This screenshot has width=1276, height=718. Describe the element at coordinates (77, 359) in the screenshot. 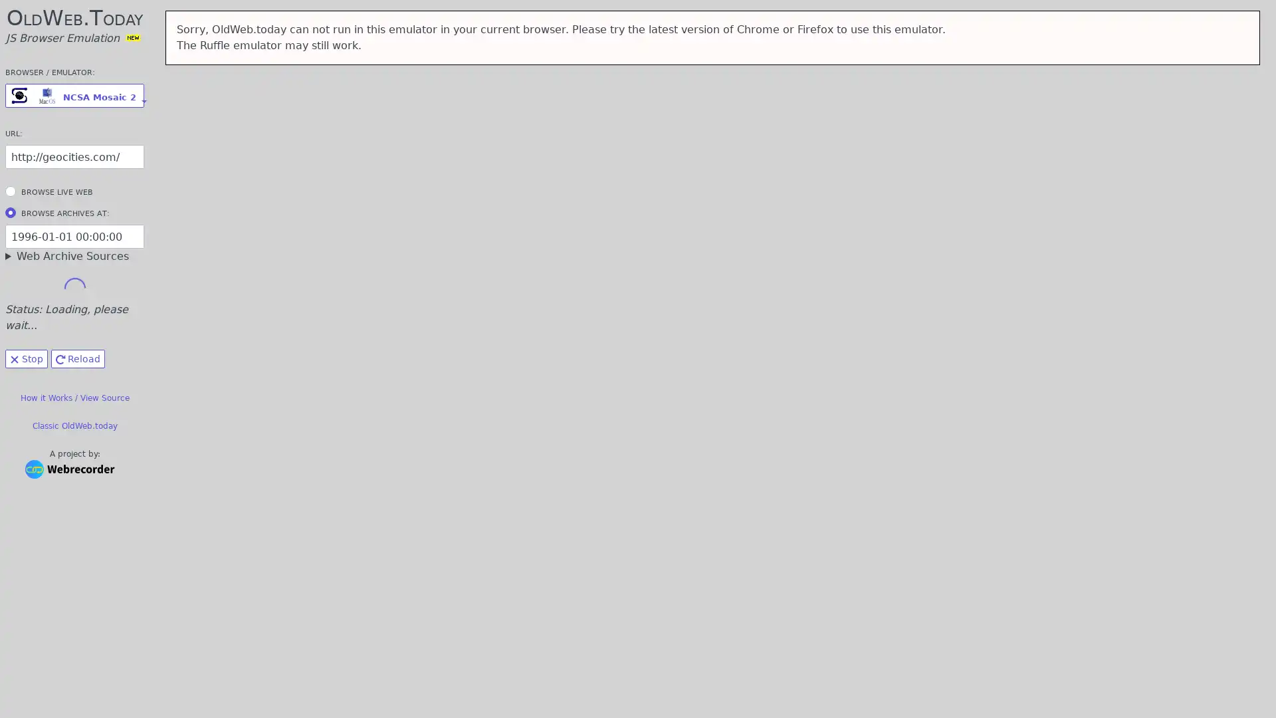

I see `Reload` at that location.